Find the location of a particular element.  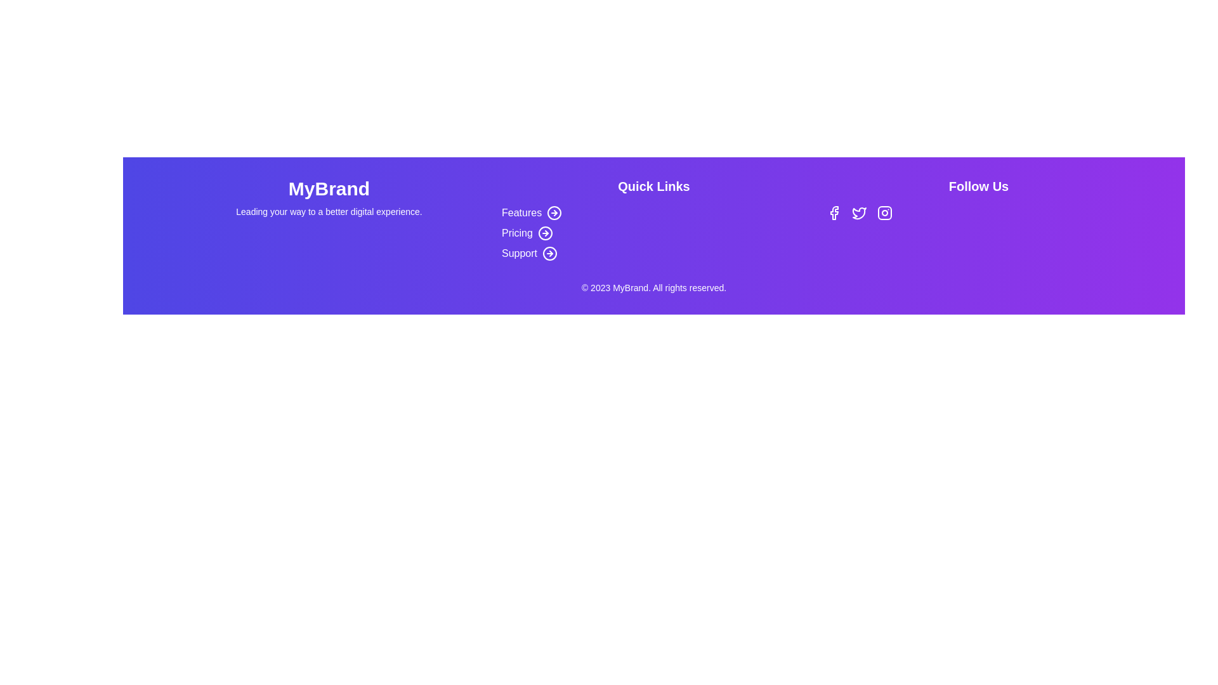

the white bird icon in the purple footer bar under the 'Follow Us' heading is located at coordinates (859, 212).